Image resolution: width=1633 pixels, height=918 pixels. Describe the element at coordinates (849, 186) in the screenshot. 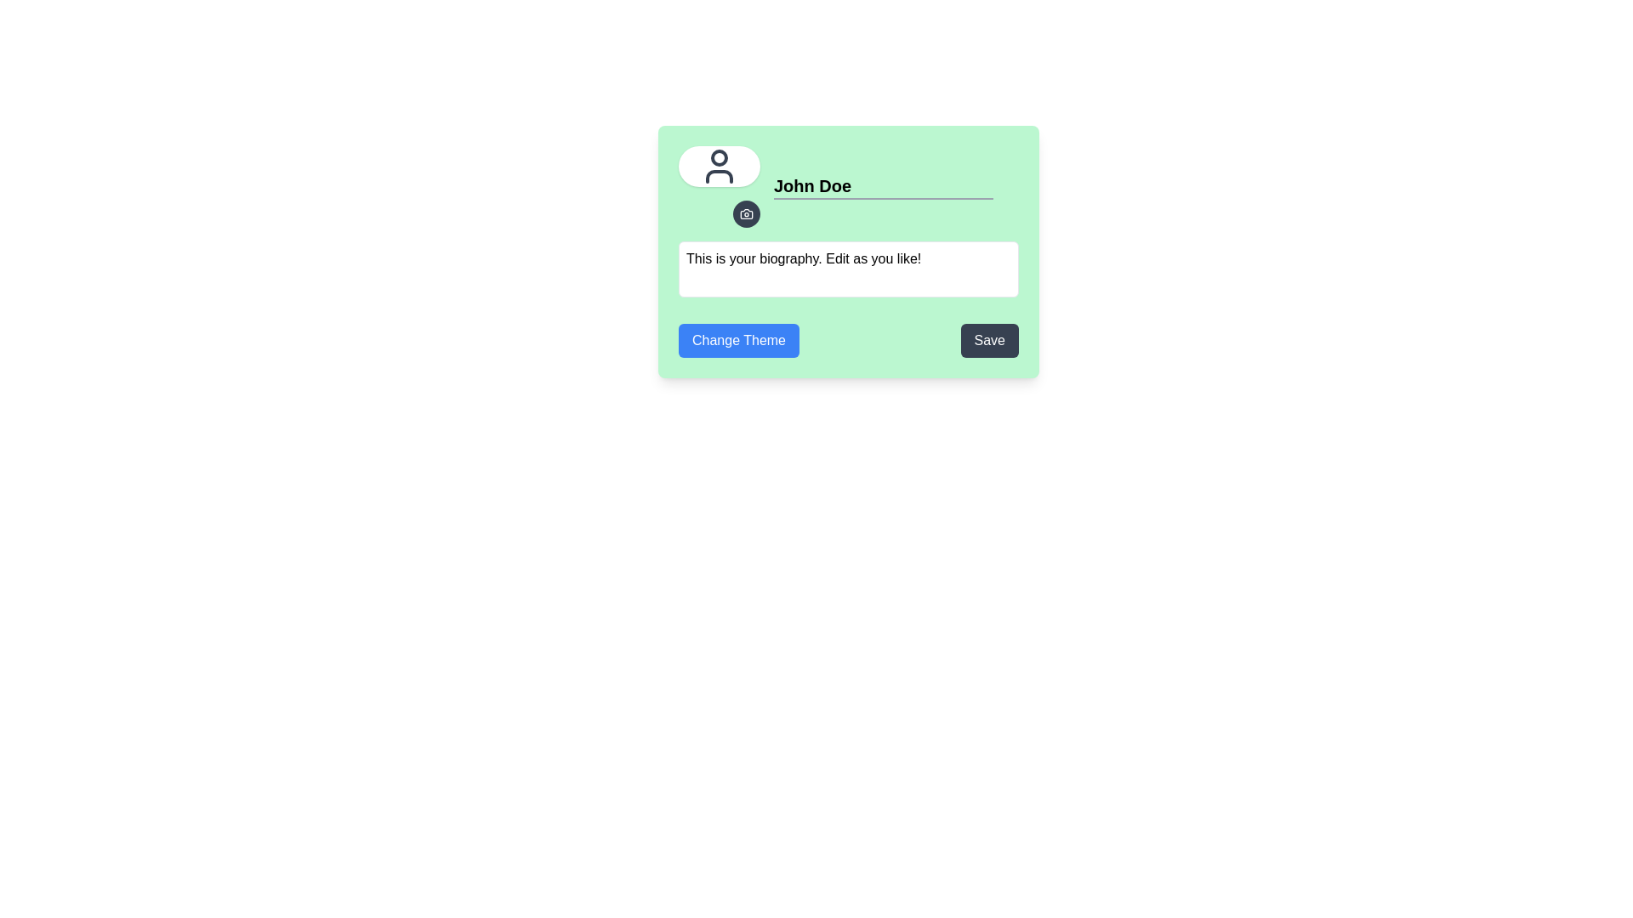

I see `the Profile Header Section` at that location.